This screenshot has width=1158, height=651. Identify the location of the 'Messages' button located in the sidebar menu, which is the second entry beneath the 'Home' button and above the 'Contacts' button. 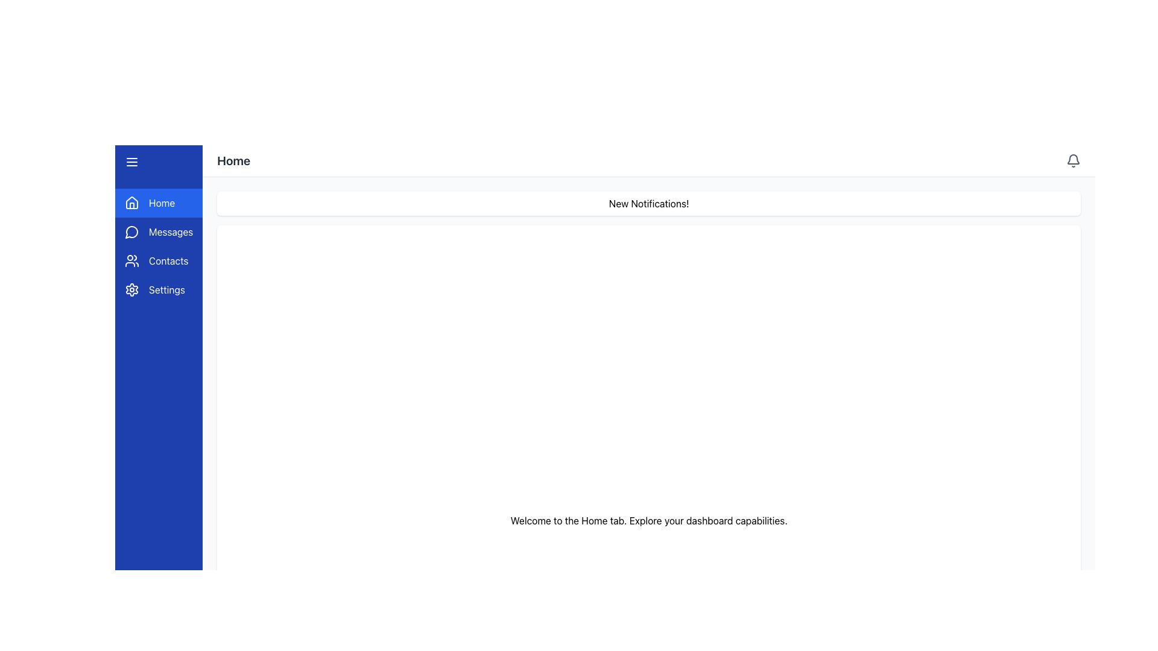
(158, 232).